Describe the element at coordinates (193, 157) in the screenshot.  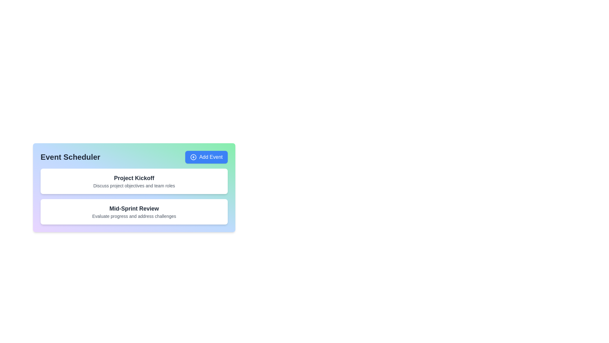
I see `the SVG Icon (Circle and Cross Symbol) located at the top-right corner of the 'Event Scheduler' card` at that location.